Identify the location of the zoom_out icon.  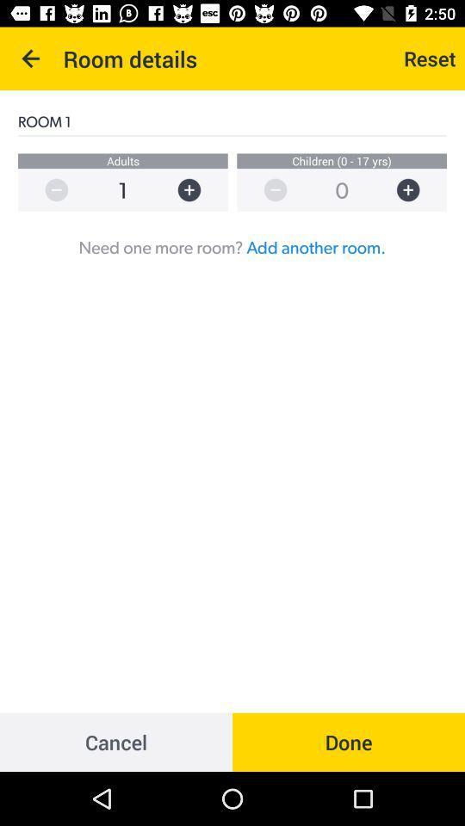
(47, 190).